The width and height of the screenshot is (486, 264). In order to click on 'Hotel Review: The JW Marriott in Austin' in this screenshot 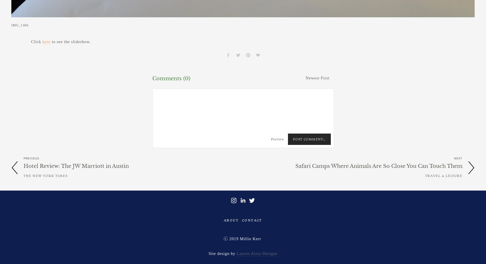, I will do `click(76, 166)`.